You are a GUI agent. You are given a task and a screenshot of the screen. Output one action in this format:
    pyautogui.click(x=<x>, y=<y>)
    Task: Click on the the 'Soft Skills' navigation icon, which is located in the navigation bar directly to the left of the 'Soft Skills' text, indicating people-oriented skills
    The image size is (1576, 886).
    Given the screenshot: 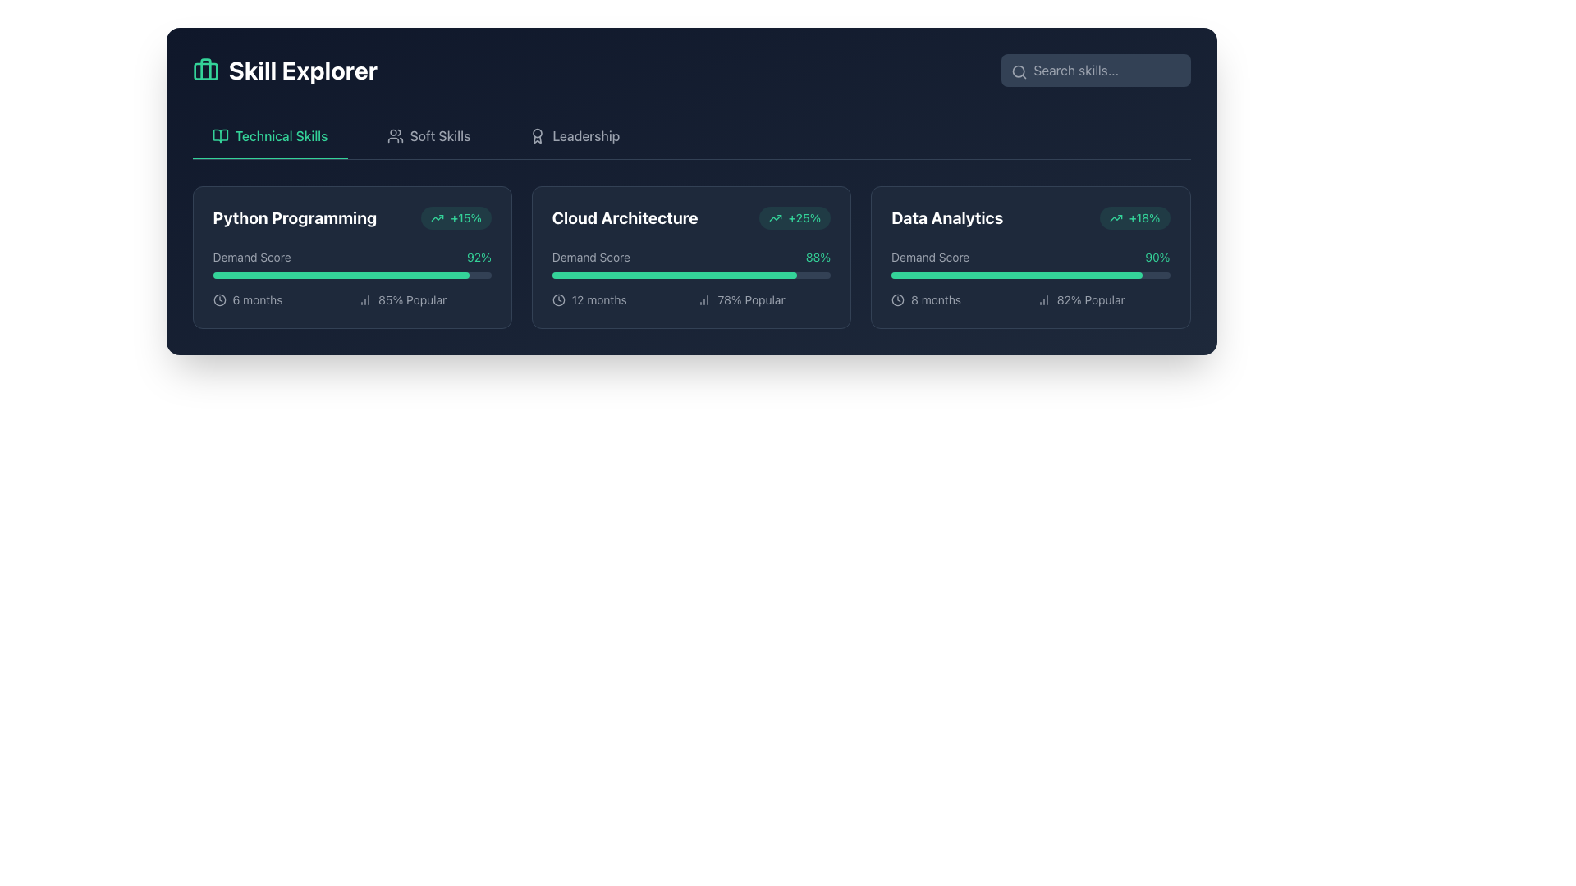 What is the action you would take?
    pyautogui.click(x=395, y=135)
    